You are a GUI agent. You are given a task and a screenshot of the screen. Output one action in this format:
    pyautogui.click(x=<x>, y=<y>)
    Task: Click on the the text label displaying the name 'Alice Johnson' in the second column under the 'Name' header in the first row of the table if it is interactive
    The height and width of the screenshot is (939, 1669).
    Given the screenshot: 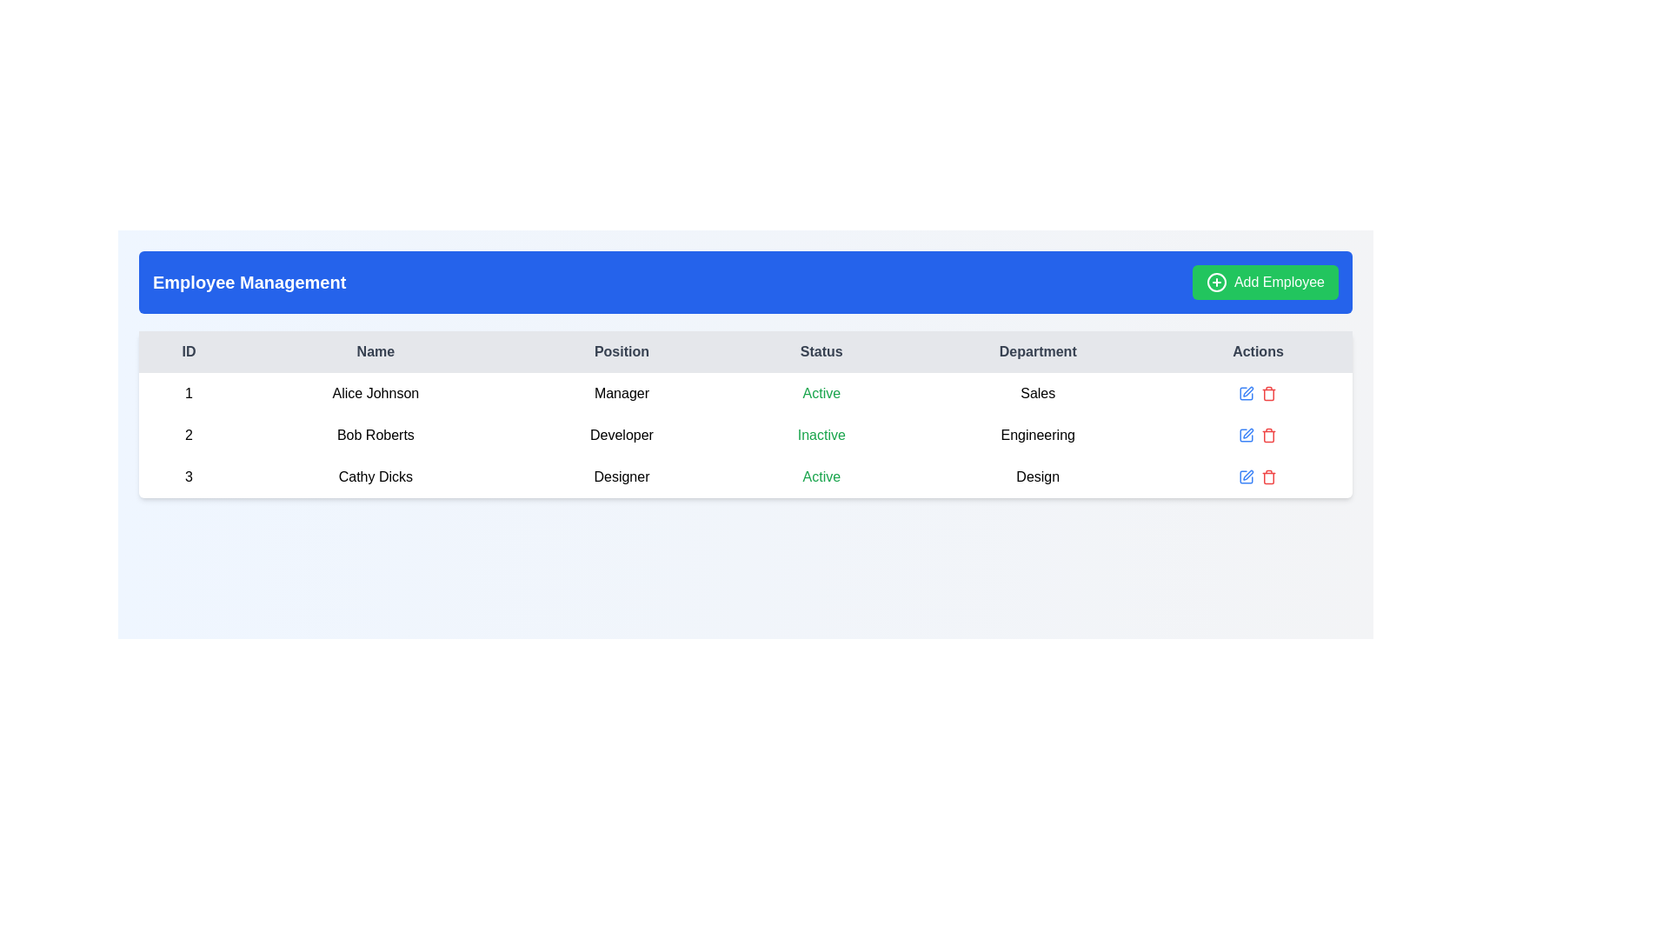 What is the action you would take?
    pyautogui.click(x=375, y=393)
    